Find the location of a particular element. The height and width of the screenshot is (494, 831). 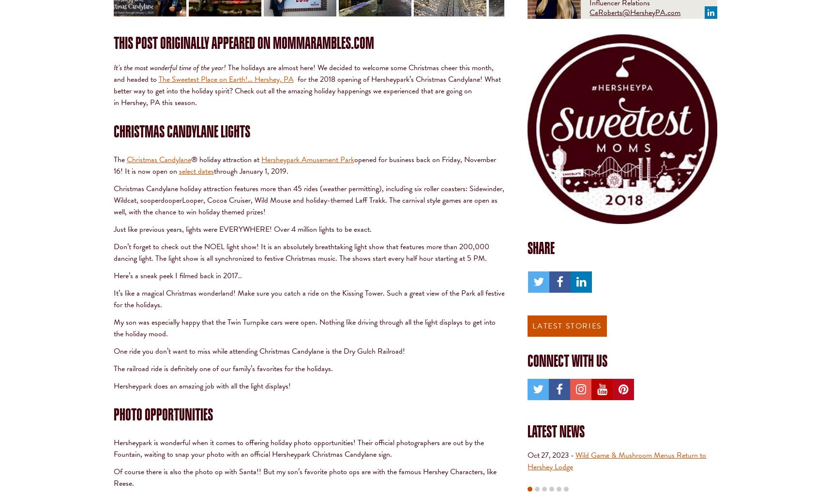

'Twin Turnpike' is located at coordinates (247, 321).